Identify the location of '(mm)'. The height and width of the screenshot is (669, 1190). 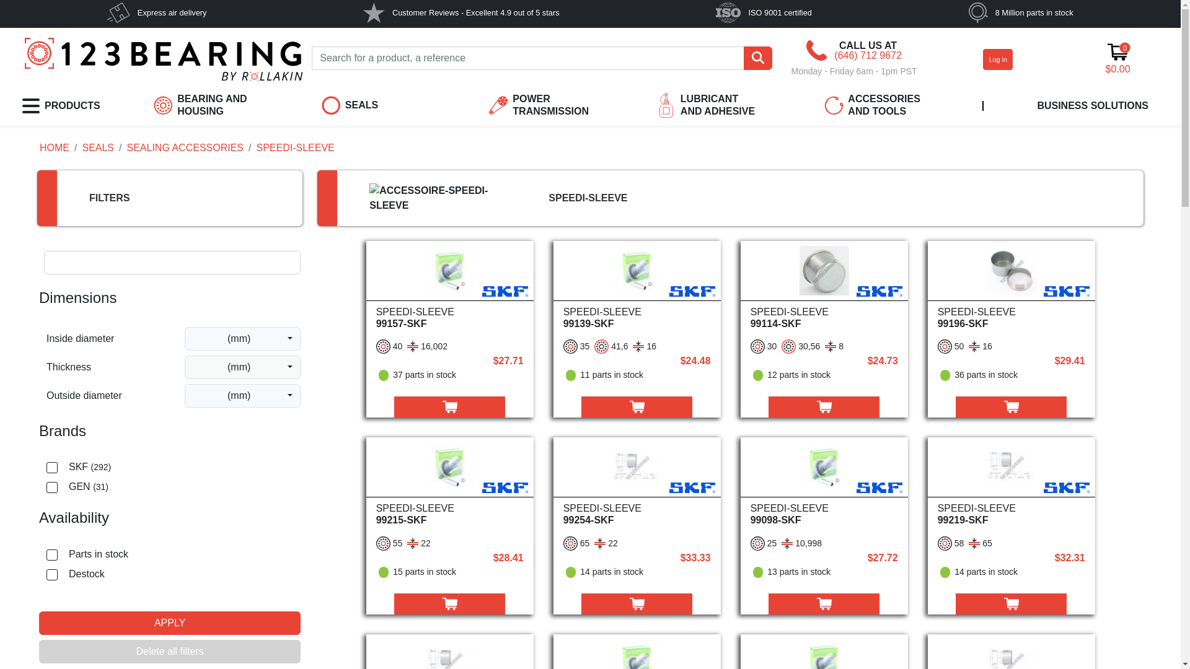
(242, 339).